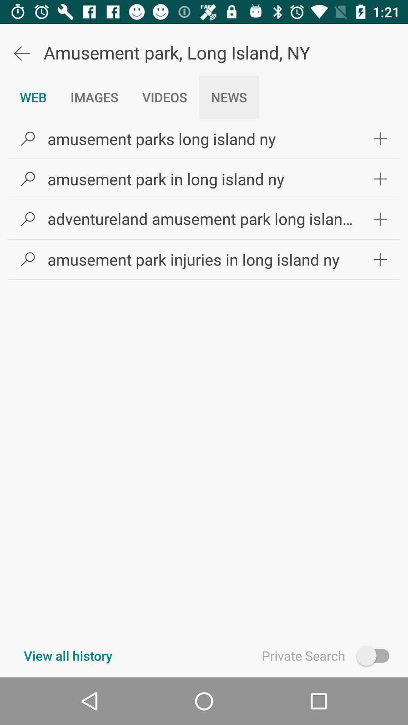 The image size is (408, 725). I want to click on item to the right of the images item, so click(164, 97).